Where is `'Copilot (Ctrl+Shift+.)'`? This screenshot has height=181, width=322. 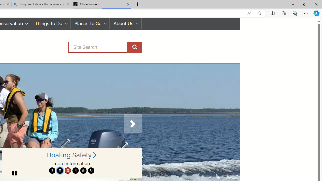
'Copilot (Ctrl+Shift+.)' is located at coordinates (316, 13).